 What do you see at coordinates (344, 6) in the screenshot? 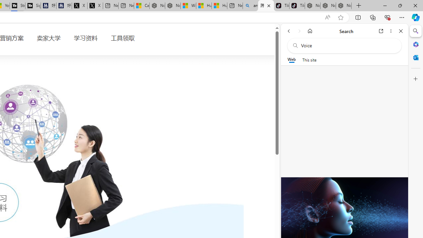
I see `'Nordace - Siena Pro 15 Essential Set'` at bounding box center [344, 6].